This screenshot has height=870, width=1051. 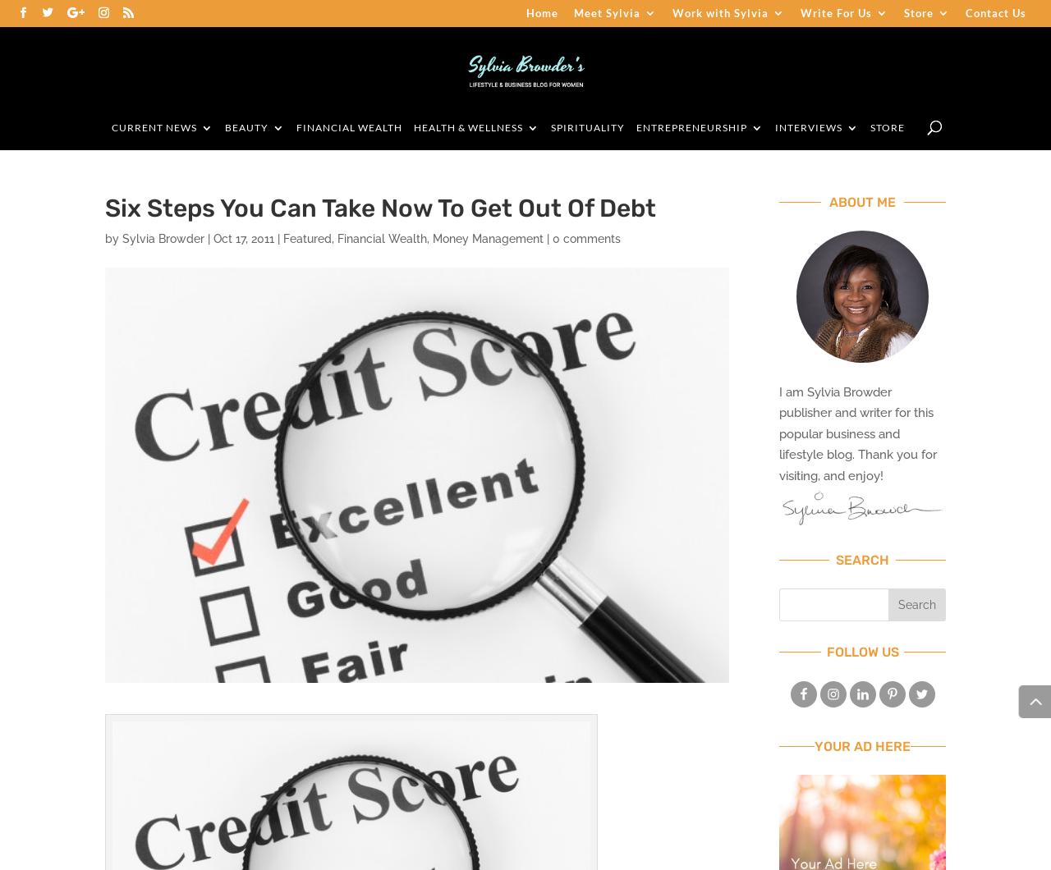 I want to click on 'Marketing & PR', so click(x=698, y=478).